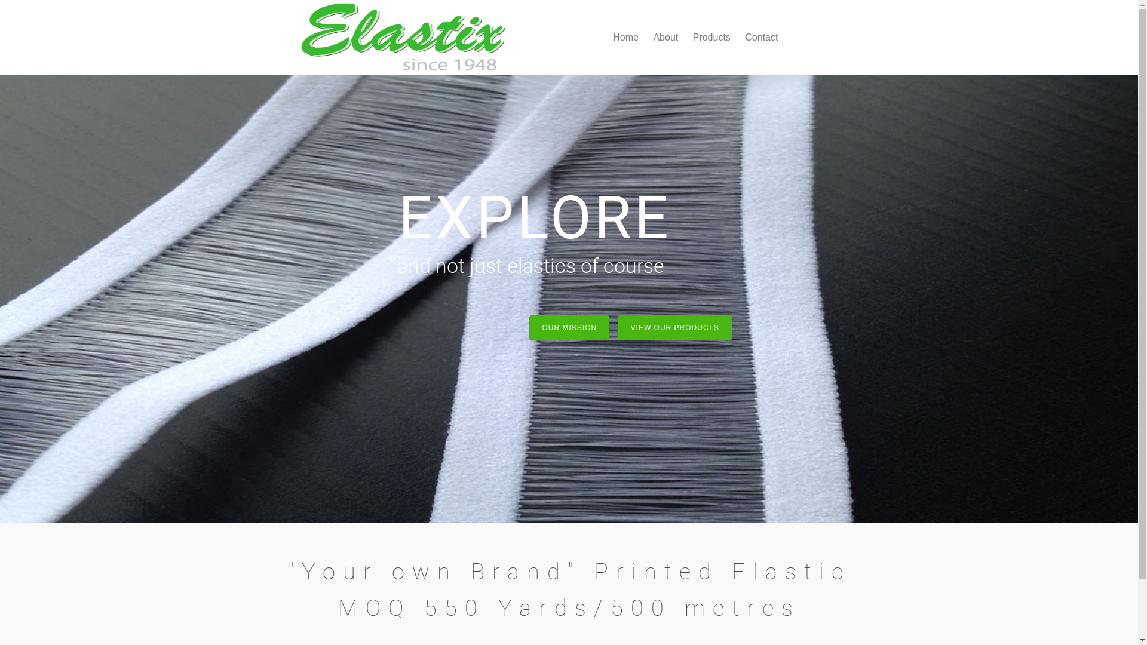 The image size is (1147, 645). Describe the element at coordinates (664, 36) in the screenshot. I see `'About'` at that location.